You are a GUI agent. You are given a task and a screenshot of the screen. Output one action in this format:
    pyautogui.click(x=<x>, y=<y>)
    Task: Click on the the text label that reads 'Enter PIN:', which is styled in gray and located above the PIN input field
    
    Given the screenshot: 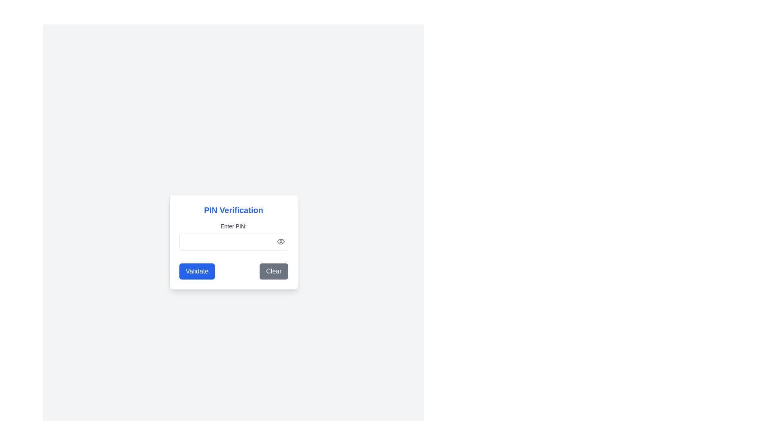 What is the action you would take?
    pyautogui.click(x=233, y=226)
    